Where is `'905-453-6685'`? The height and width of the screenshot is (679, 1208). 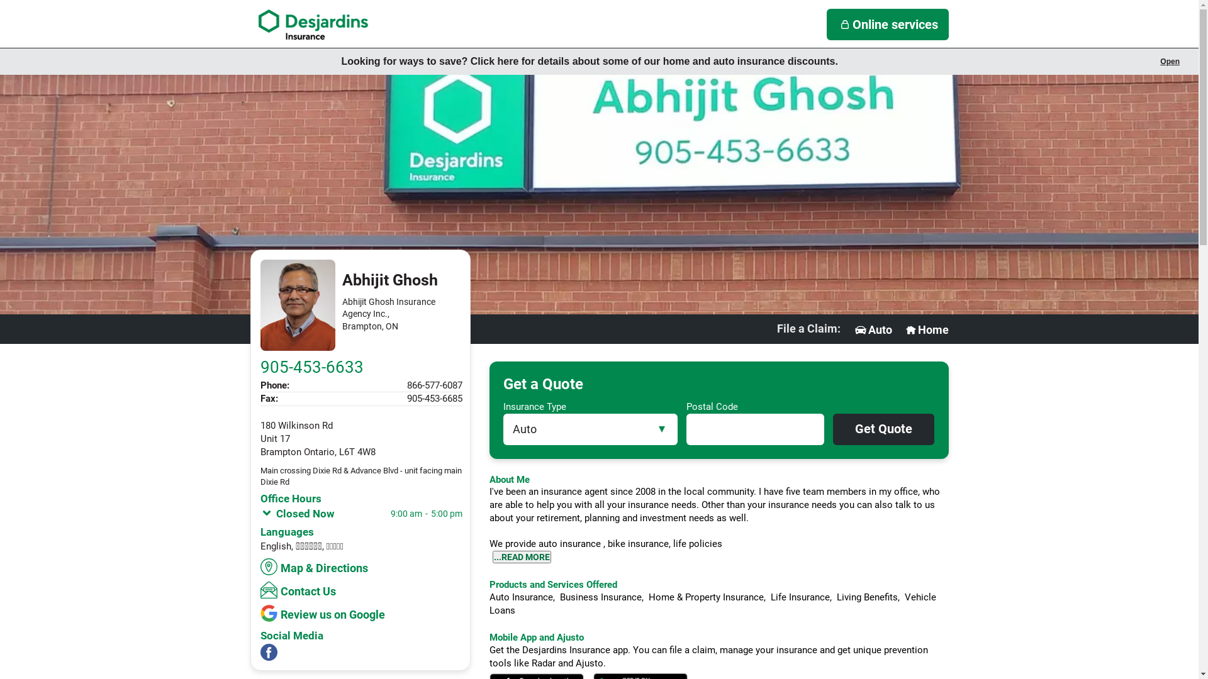
'905-453-6685' is located at coordinates (434, 398).